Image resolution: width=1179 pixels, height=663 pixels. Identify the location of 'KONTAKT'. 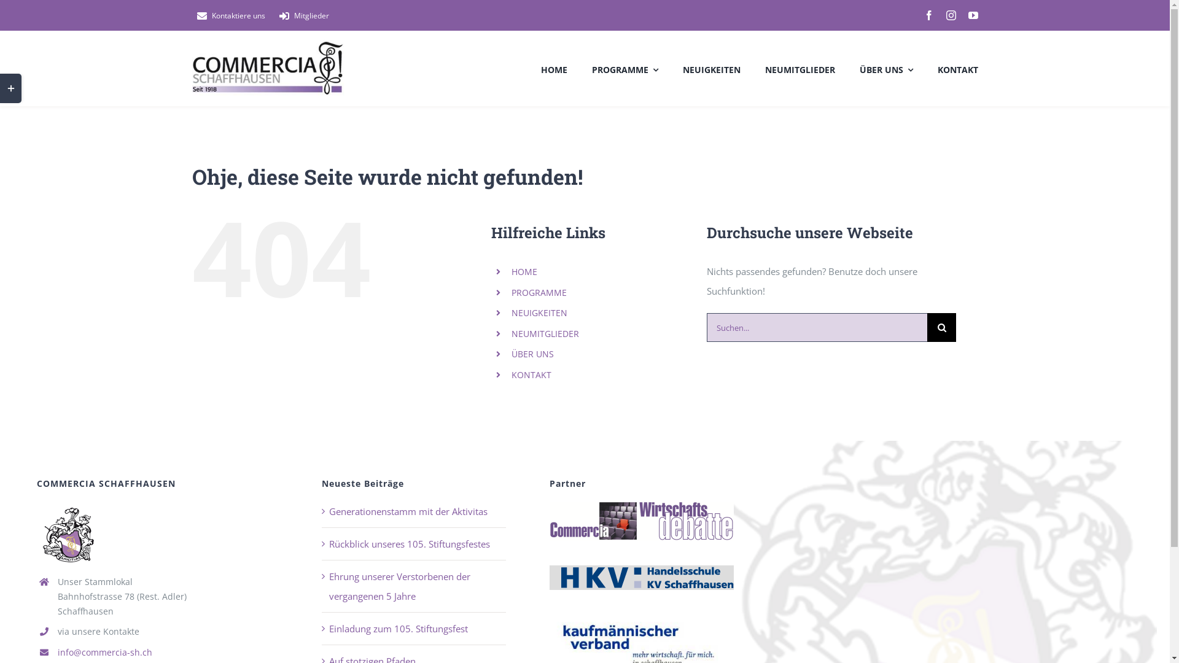
(957, 68).